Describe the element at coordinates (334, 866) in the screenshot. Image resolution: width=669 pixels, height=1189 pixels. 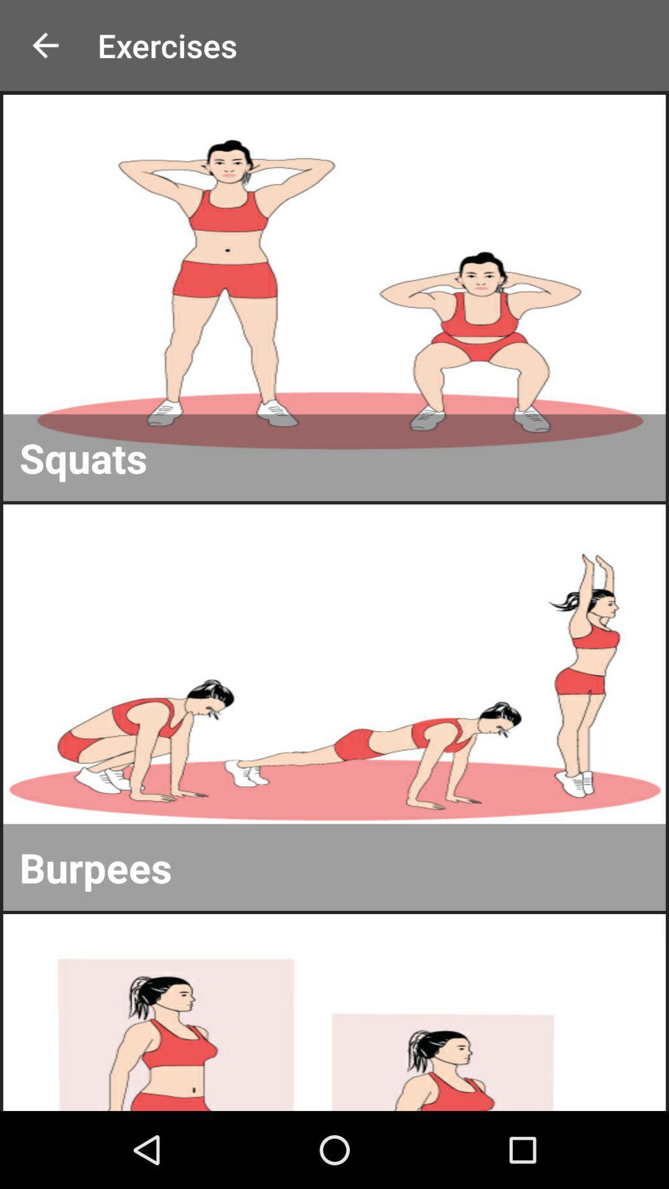
I see `the burpees item` at that location.